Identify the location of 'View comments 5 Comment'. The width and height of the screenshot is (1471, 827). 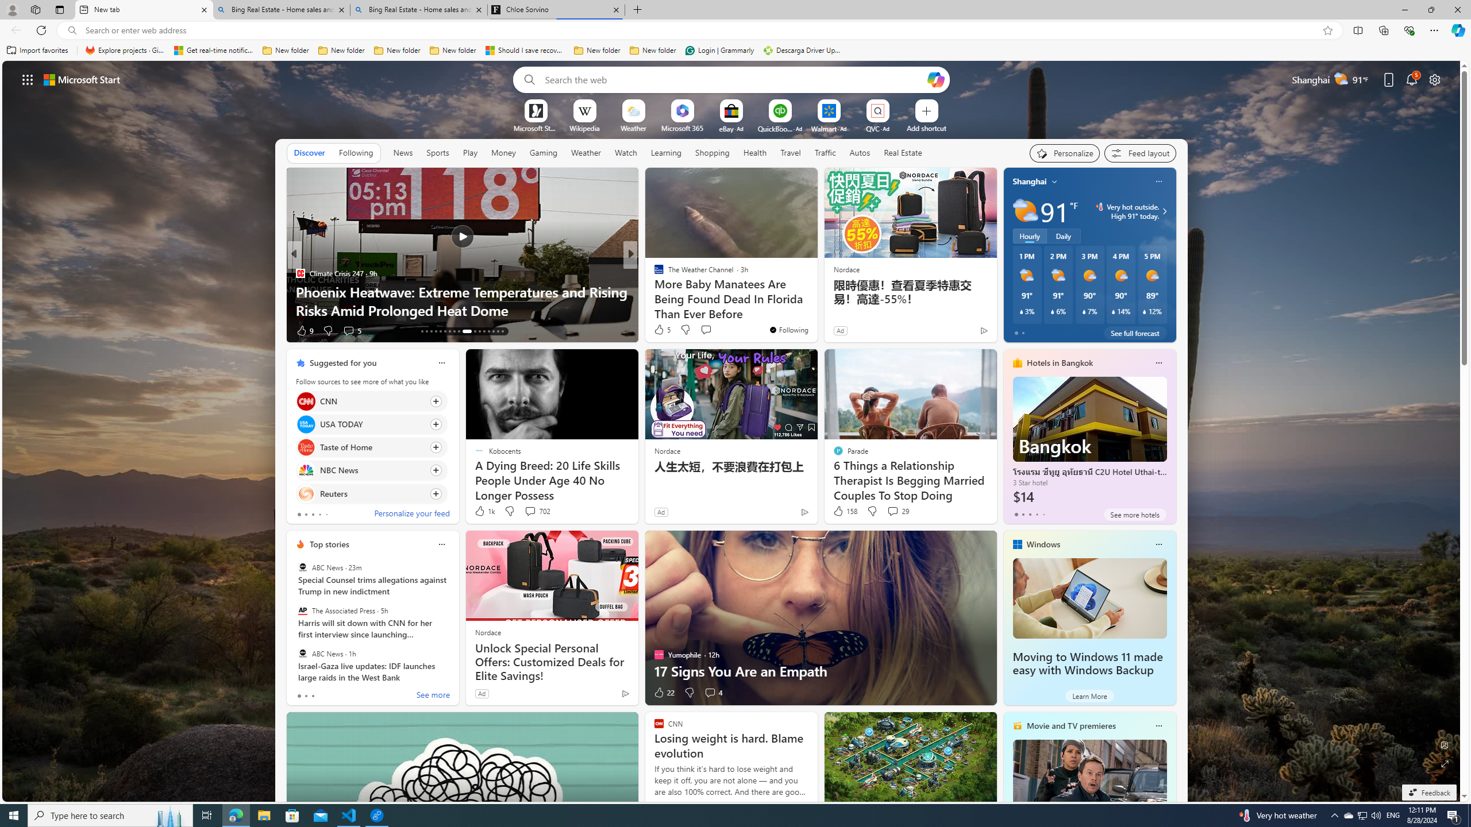
(710, 330).